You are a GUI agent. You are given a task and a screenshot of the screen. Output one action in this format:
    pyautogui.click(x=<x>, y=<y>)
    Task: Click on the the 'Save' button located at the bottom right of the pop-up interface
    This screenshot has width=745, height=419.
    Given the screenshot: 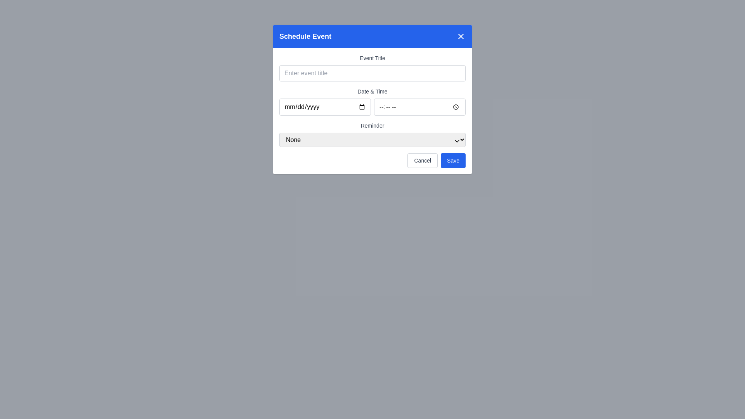 What is the action you would take?
    pyautogui.click(x=453, y=160)
    